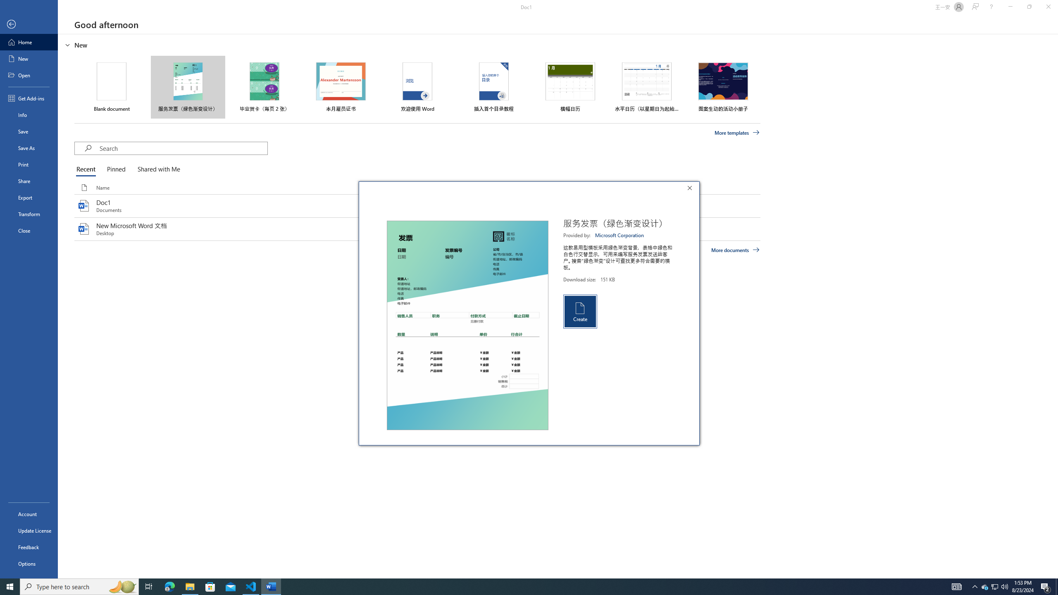 Image resolution: width=1058 pixels, height=595 pixels. What do you see at coordinates (29, 58) in the screenshot?
I see `'New'` at bounding box center [29, 58].